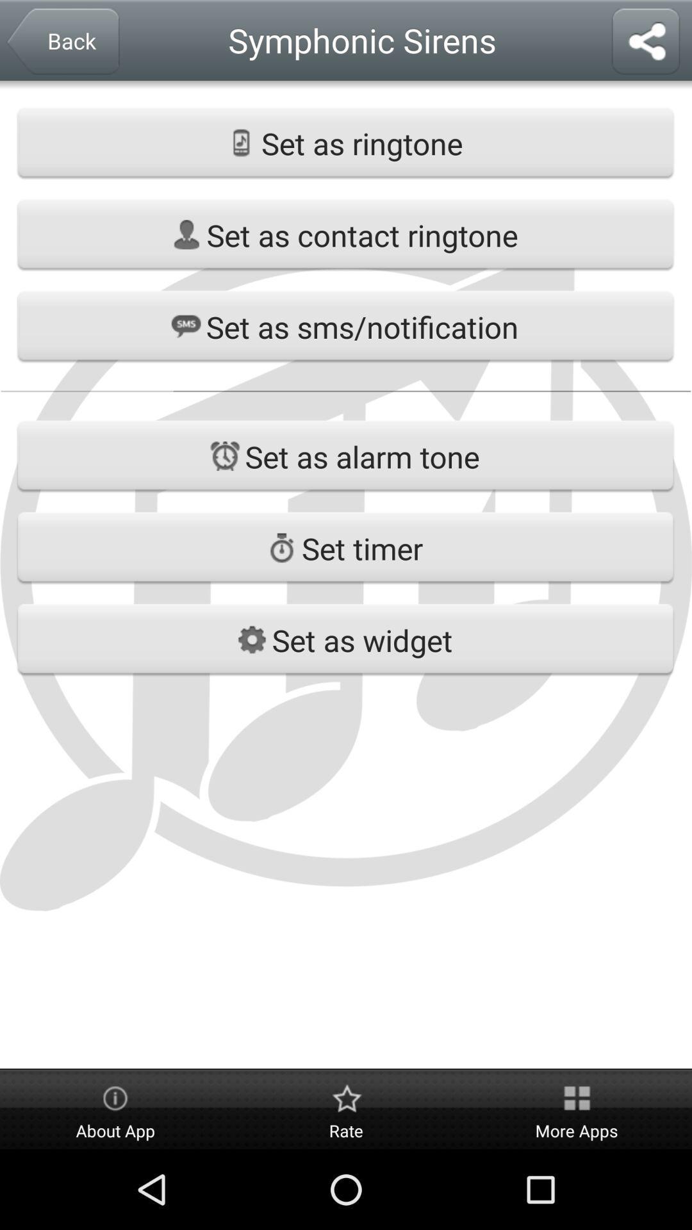 The image size is (692, 1230). What do you see at coordinates (242, 142) in the screenshot?
I see `the icon which is left side of the set as ringtone` at bounding box center [242, 142].